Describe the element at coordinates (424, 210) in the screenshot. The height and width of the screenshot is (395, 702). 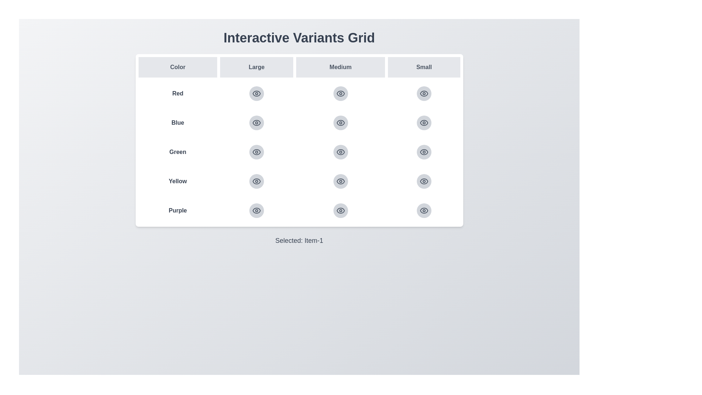
I see `the eye icon SVG graphic, which is styled with a gray outline and located in the last row under the 'Small' column of the table-like UI component` at that location.